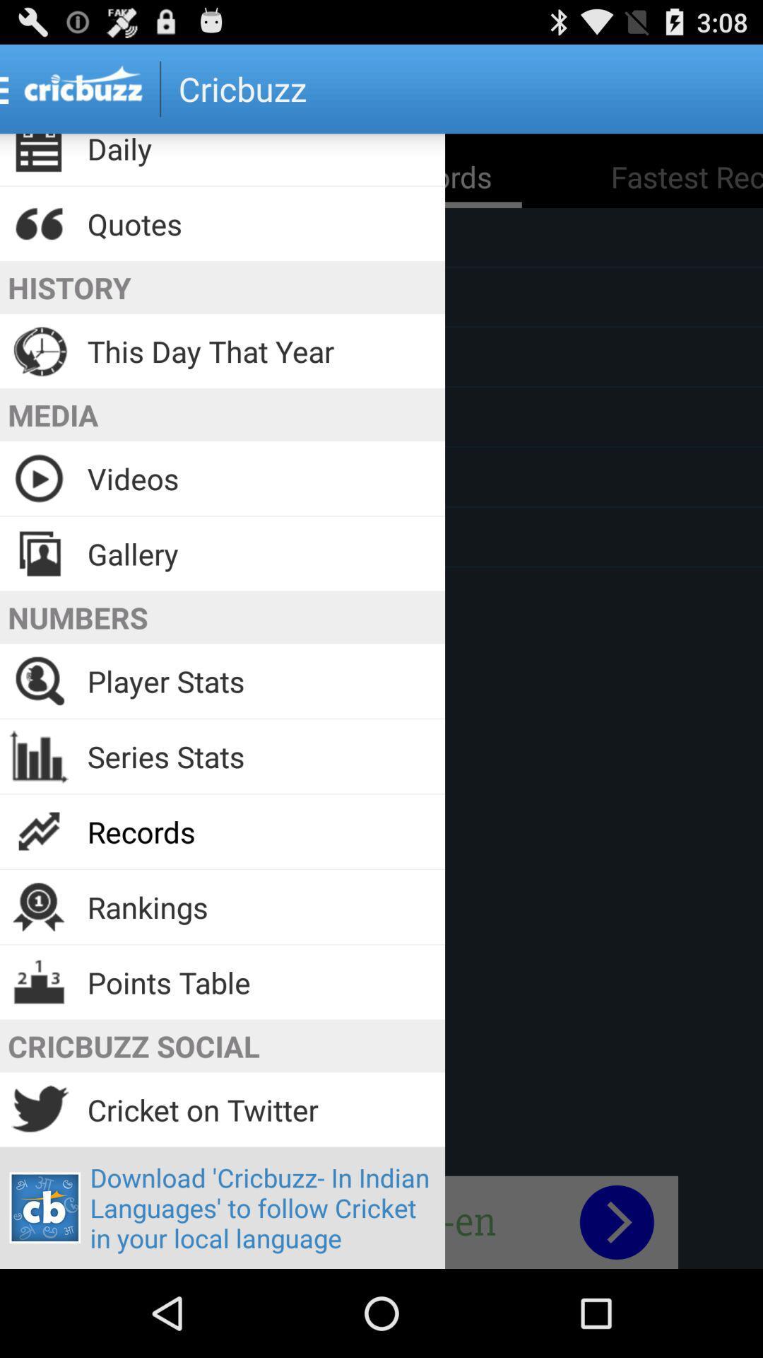 The height and width of the screenshot is (1358, 763). I want to click on the icon which is left to quotes, so click(39, 223).